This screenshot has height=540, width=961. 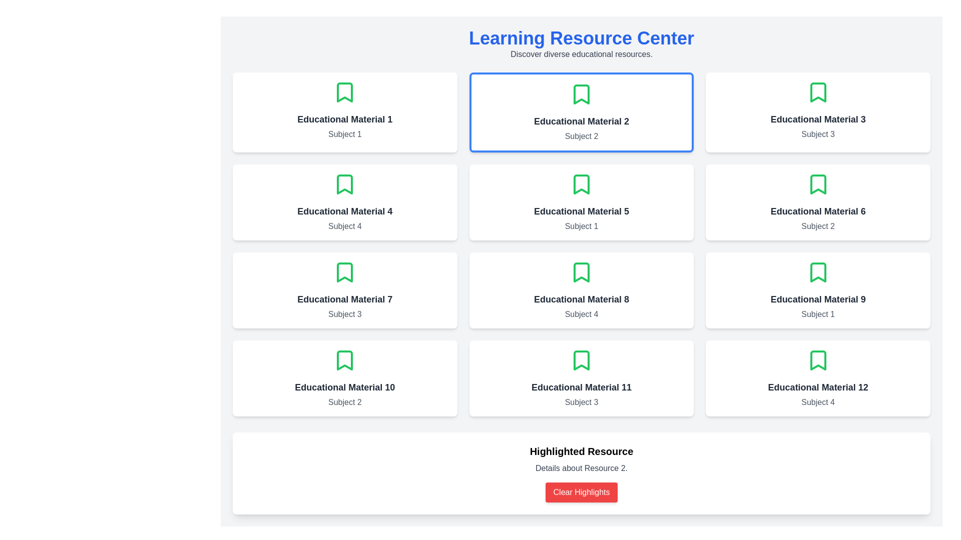 What do you see at coordinates (581, 387) in the screenshot?
I see `the text label displaying 'Educational Material 11', which is centered in the bottom row of the grid and is above 'Subject 3' and below a green bookmark icon` at bounding box center [581, 387].